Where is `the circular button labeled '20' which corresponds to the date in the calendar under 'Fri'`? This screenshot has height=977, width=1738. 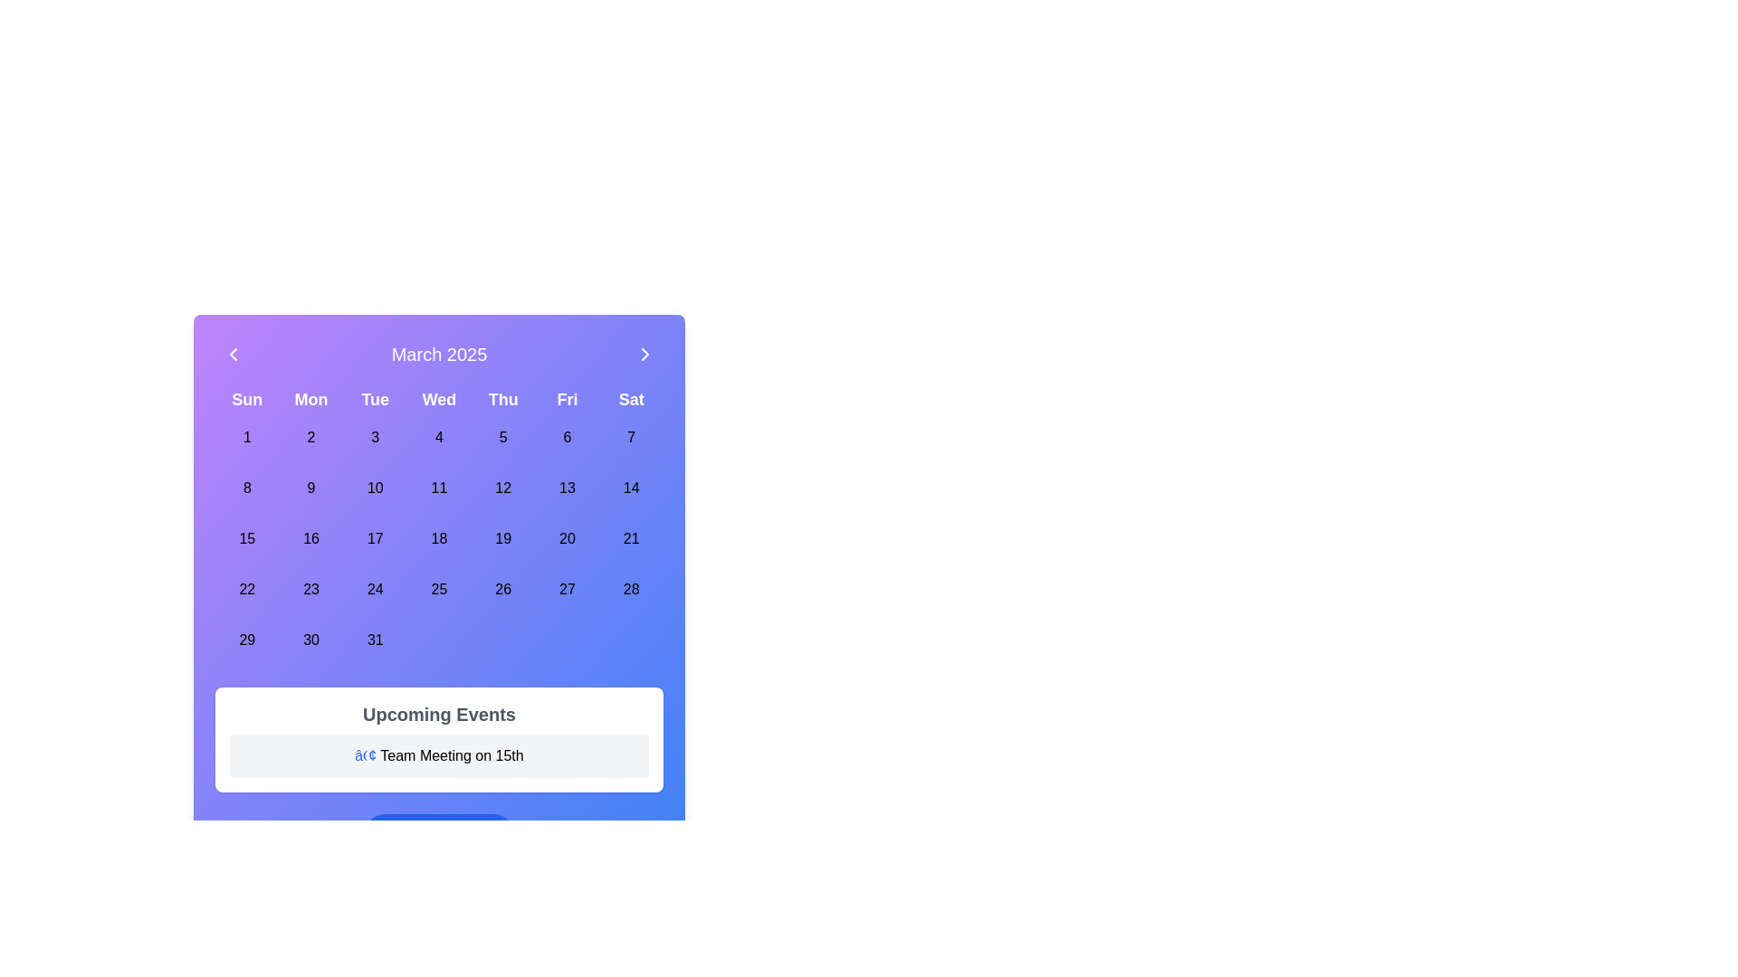 the circular button labeled '20' which corresponds to the date in the calendar under 'Fri' is located at coordinates (566, 538).